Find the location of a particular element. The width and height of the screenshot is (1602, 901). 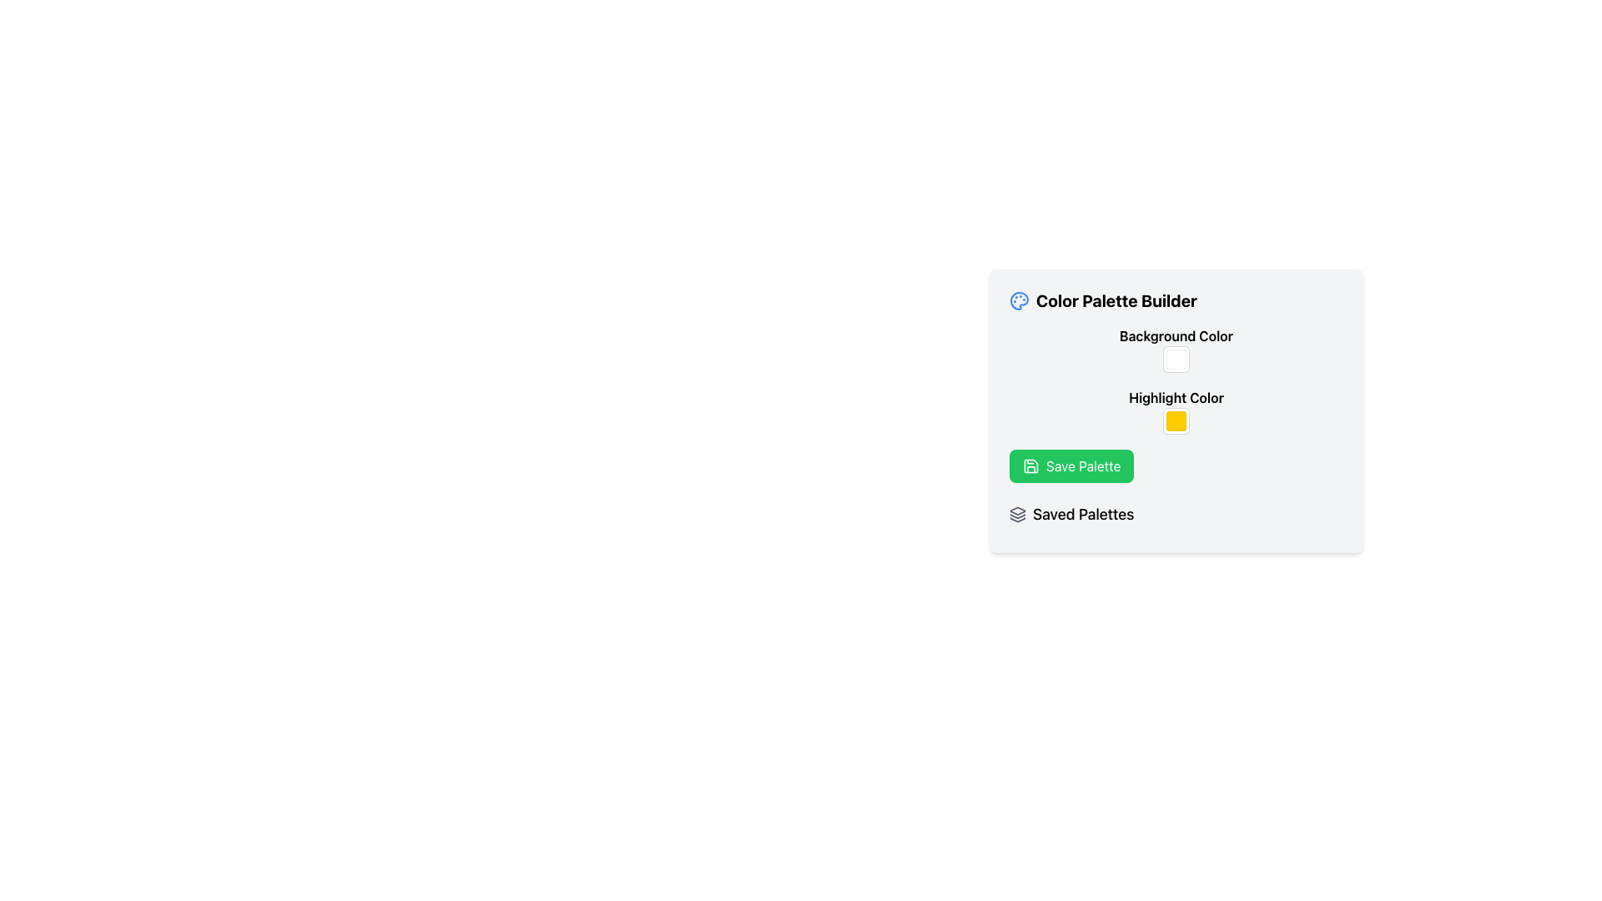

the square yellow color indicator with rounded edges in the 'Highlight Color' section of the color palette builder is located at coordinates (1176, 420).